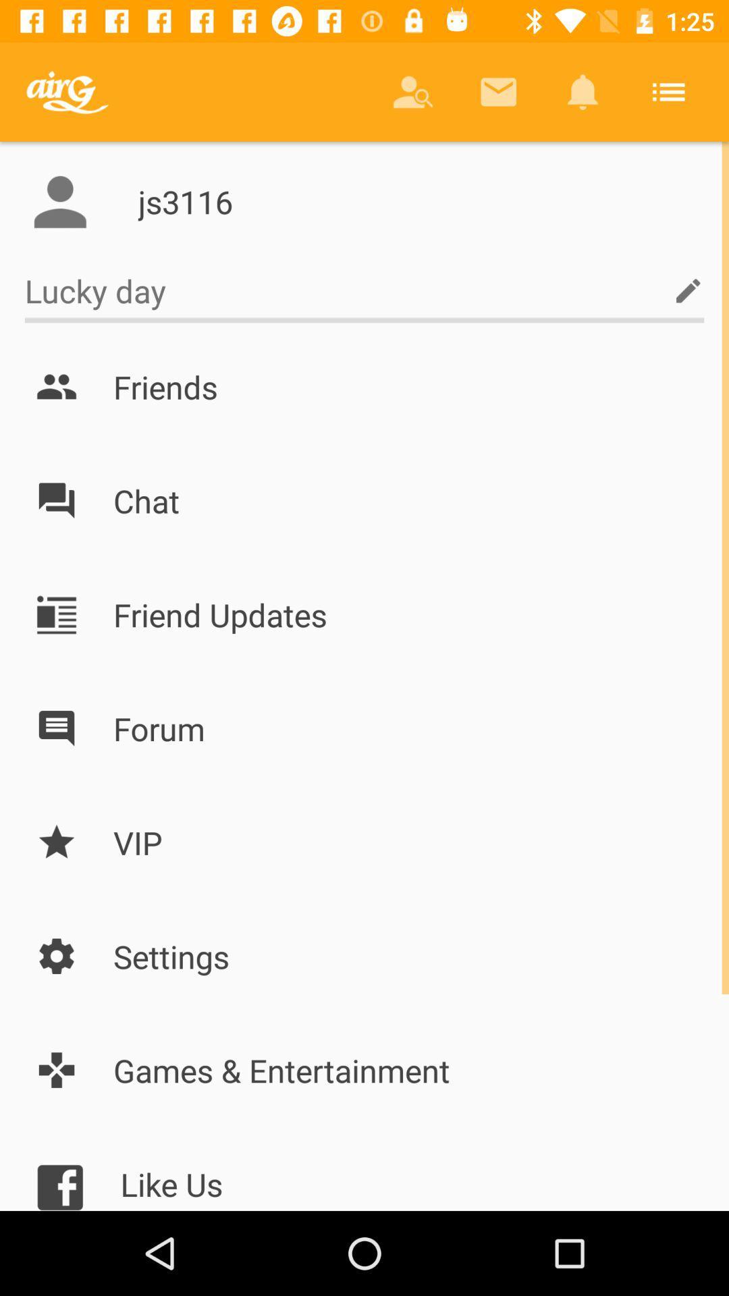 Image resolution: width=729 pixels, height=1296 pixels. Describe the element at coordinates (59, 201) in the screenshot. I see `the avatar icon` at that location.